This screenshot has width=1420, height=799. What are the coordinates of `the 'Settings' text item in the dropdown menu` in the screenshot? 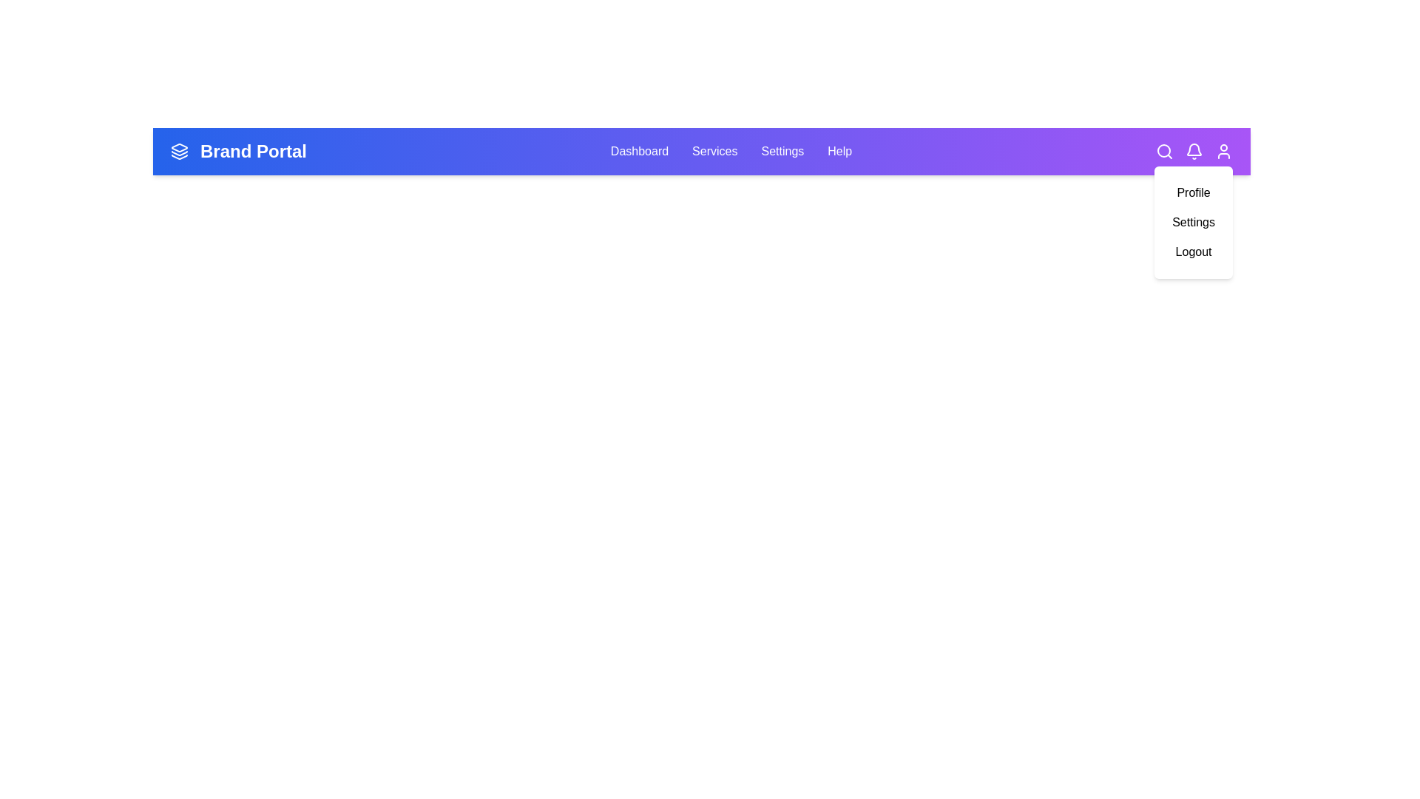 It's located at (1194, 222).